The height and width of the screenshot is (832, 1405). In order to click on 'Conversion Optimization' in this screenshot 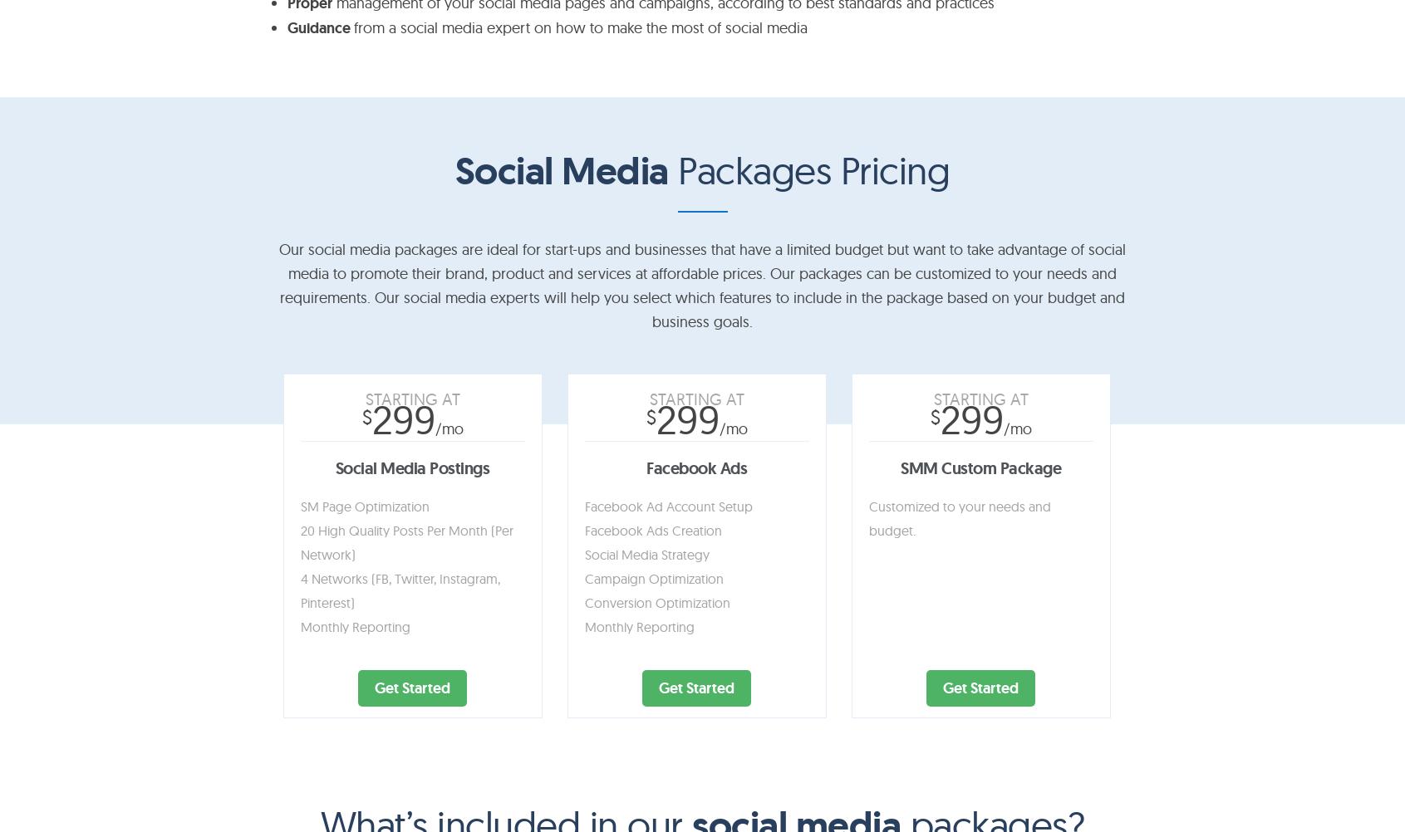, I will do `click(656, 602)`.